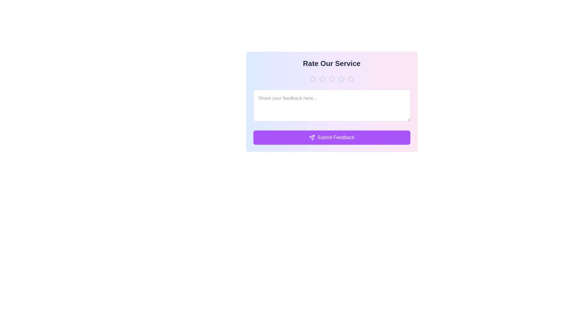 This screenshot has height=321, width=571. I want to click on the rating to 4 stars by clicking the corresponding star button, so click(341, 79).